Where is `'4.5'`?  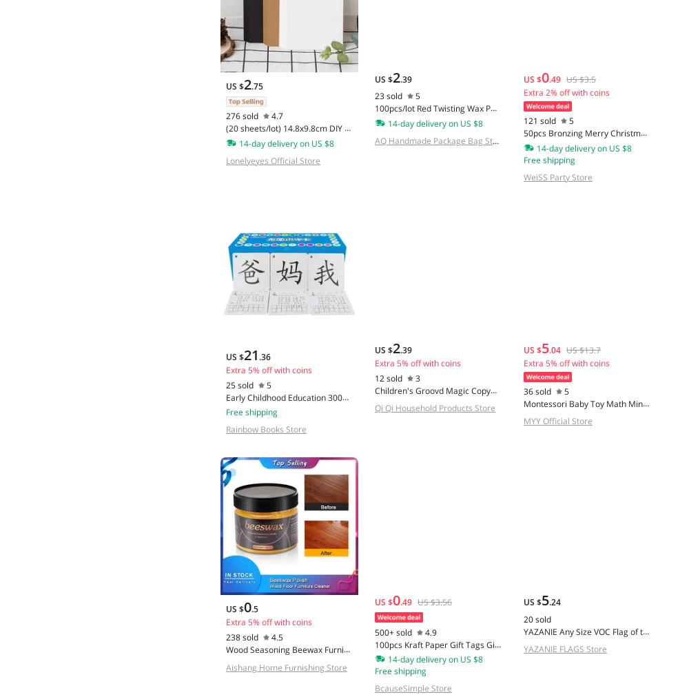 '4.5' is located at coordinates (277, 636).